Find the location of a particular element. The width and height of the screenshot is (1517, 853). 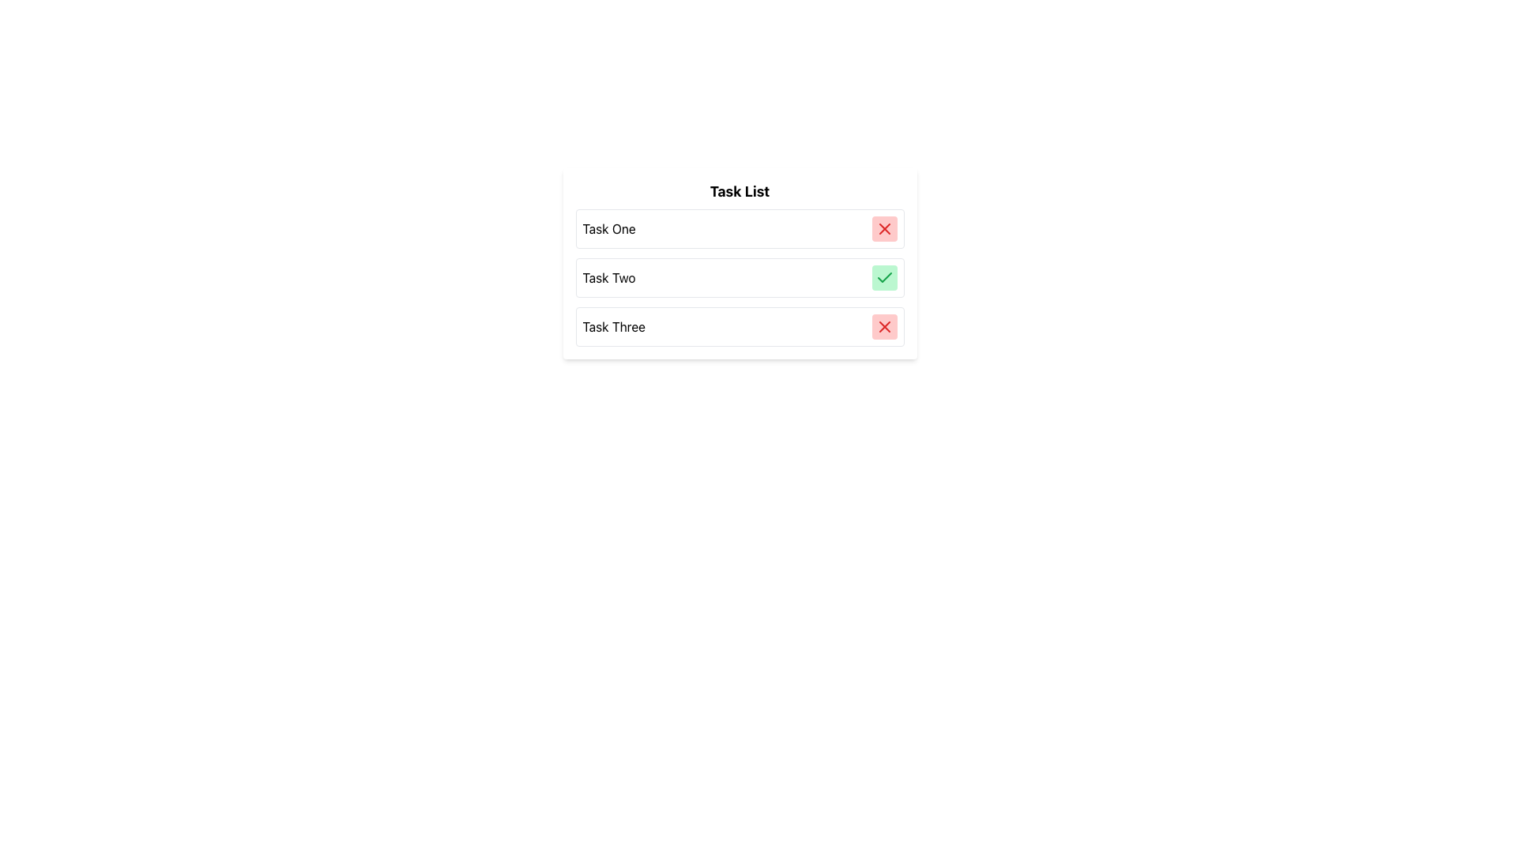

the small green button with a checkmark icon located to the right of the text 'Task Two' to mark the task as completed is located at coordinates (883, 276).